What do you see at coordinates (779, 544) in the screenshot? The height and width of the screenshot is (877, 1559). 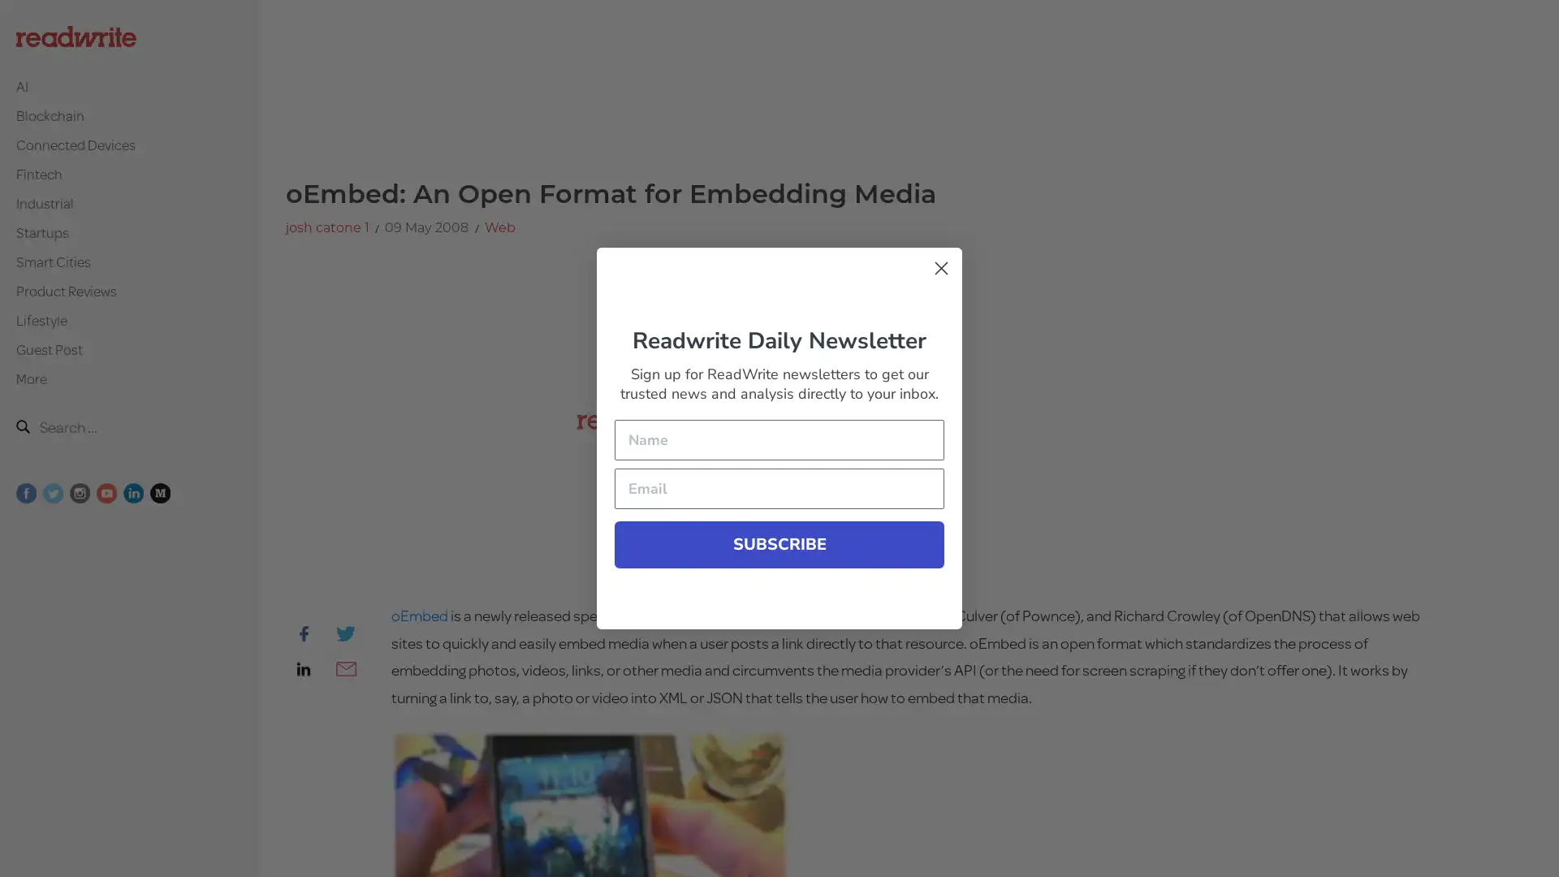 I see `SUBSCRIBE` at bounding box center [779, 544].